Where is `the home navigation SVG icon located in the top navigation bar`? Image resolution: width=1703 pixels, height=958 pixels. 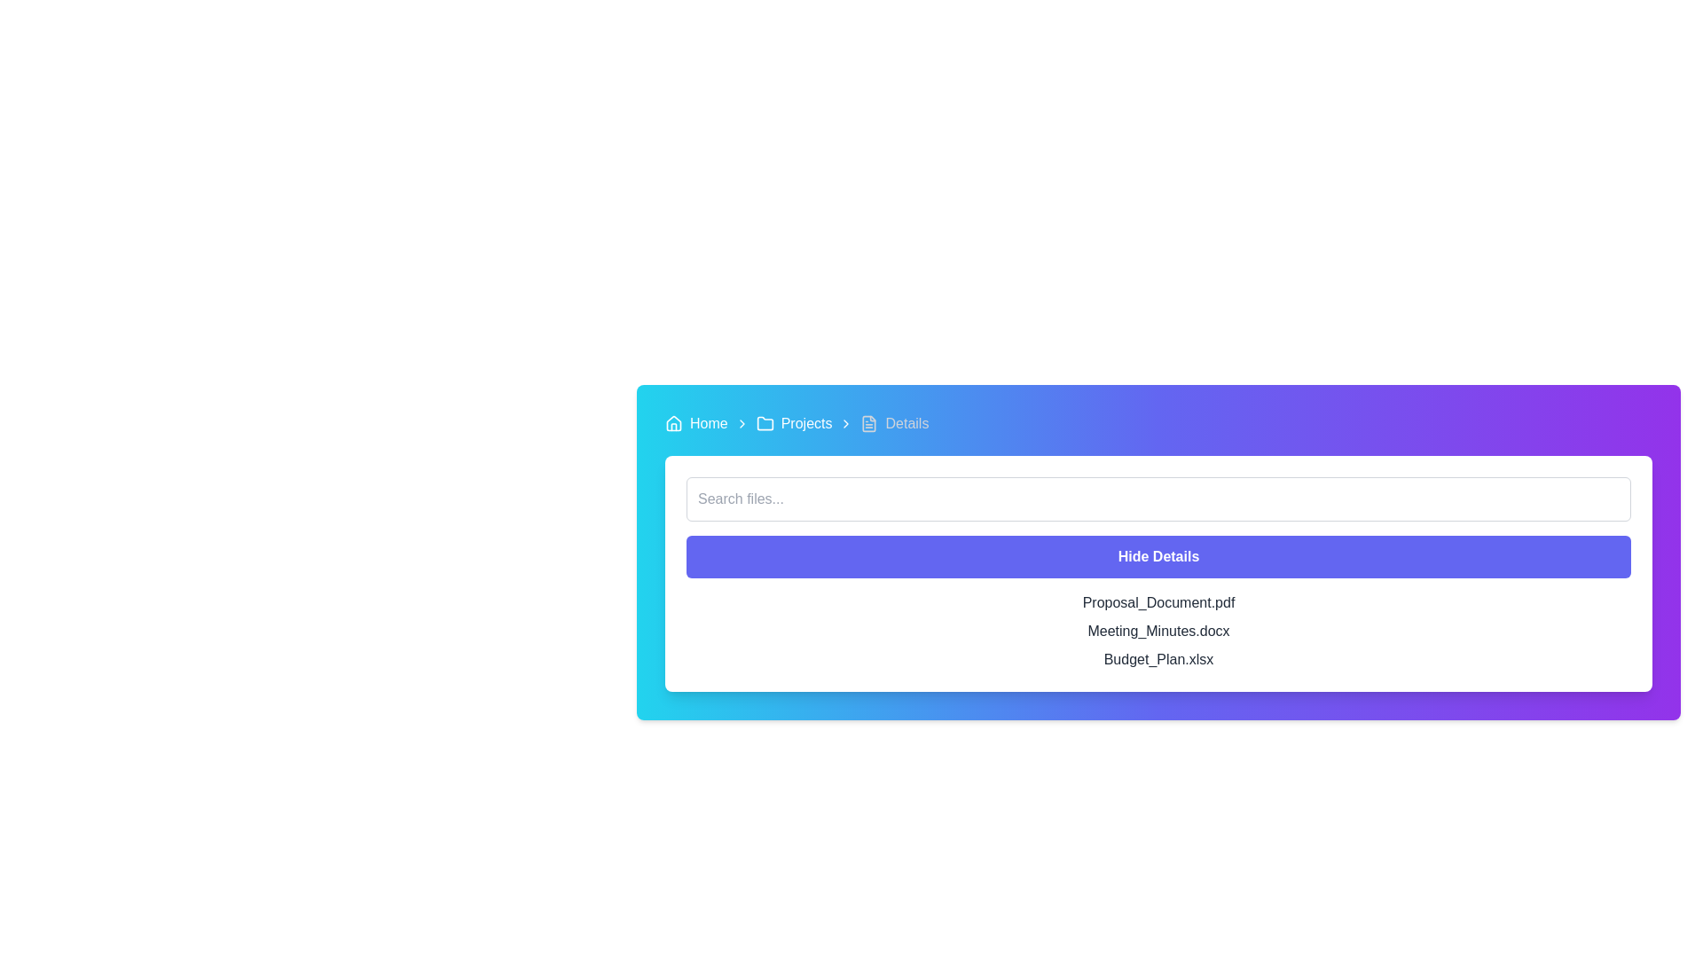
the home navigation SVG icon located in the top navigation bar is located at coordinates (672, 424).